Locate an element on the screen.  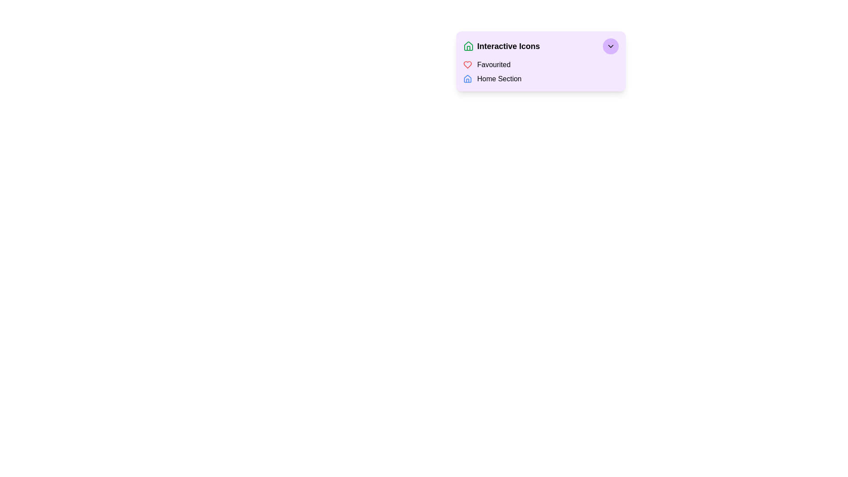
the text label reading 'Home Section', which is styled with bold black text on a light lavender background and is the third item in a vertical list of options is located at coordinates (499, 78).